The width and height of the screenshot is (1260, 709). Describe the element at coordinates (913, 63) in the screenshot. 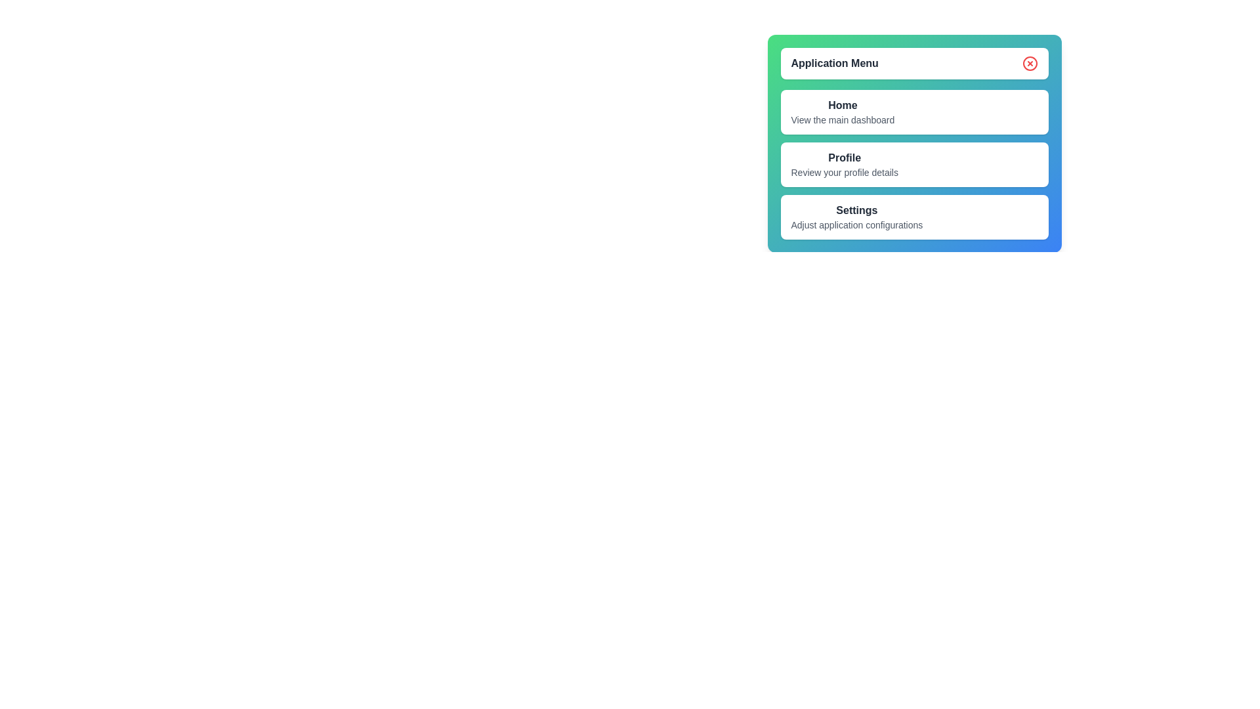

I see `button labeled 'Application Menu' to toggle the menu visibility` at that location.